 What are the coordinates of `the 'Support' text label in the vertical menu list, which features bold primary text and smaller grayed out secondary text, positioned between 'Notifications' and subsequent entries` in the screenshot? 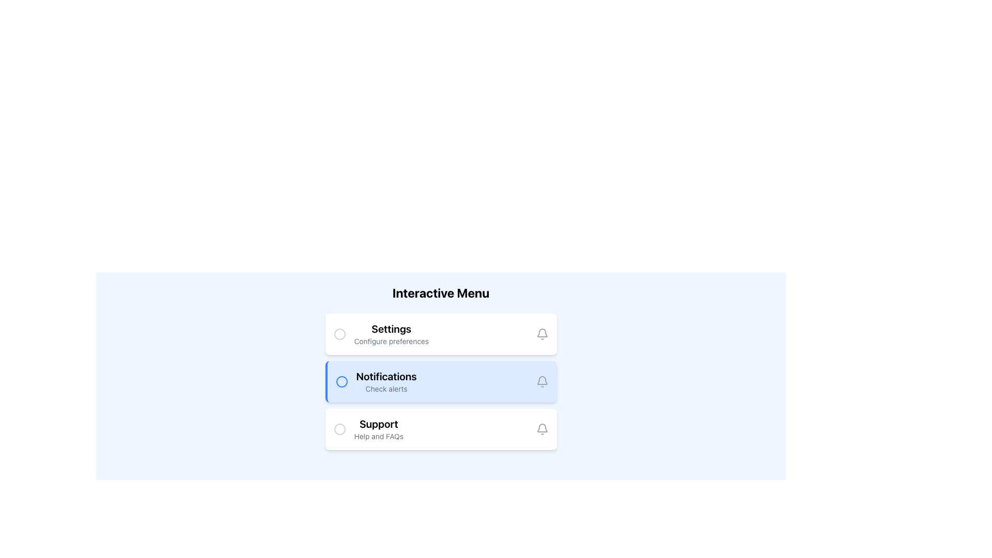 It's located at (378, 429).